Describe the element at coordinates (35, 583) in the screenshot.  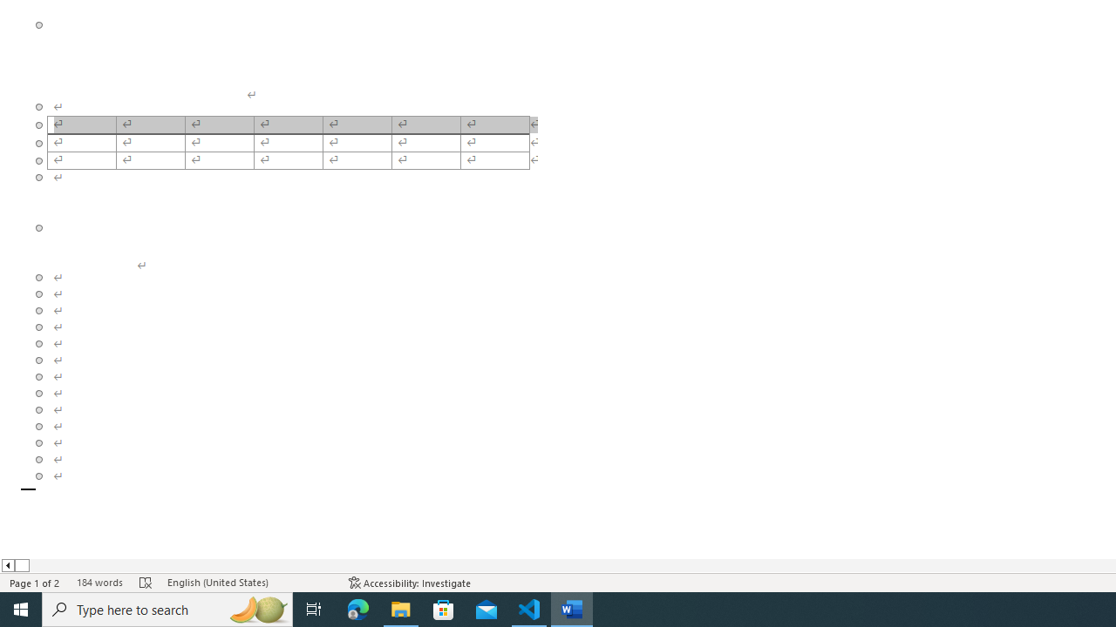
I see `'Page Number Page 1 of 2'` at that location.